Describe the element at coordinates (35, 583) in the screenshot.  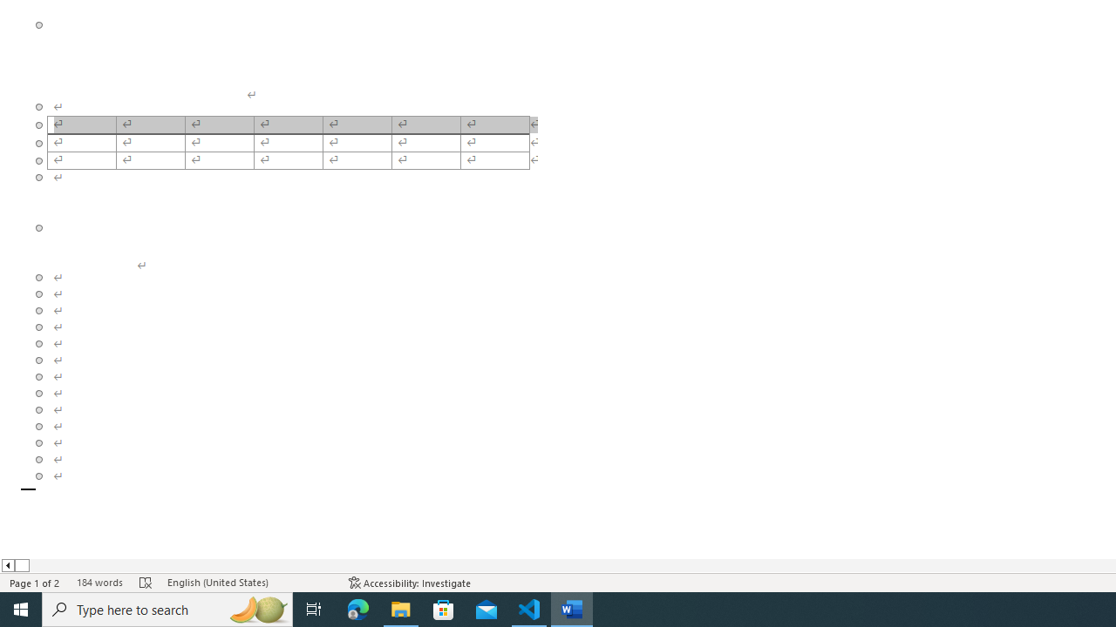
I see `'Page Number Page 1 of 2'` at that location.